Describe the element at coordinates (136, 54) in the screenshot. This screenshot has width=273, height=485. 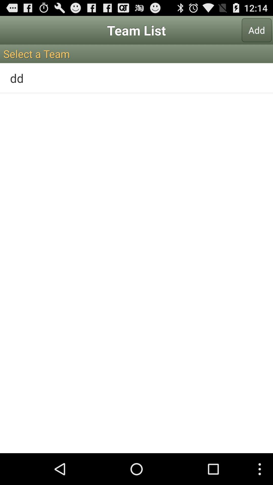
I see `the icon below add button` at that location.